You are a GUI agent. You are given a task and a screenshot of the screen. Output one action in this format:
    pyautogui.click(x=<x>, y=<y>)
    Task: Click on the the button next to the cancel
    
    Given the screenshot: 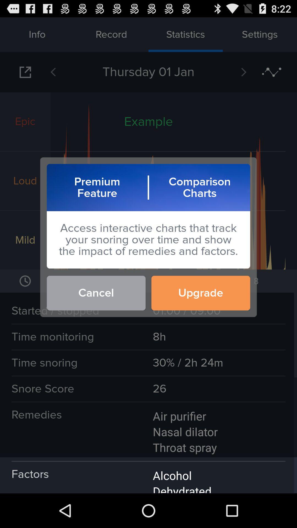 What is the action you would take?
    pyautogui.click(x=201, y=293)
    